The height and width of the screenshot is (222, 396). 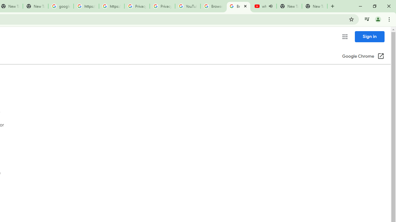 I want to click on 'Google Chrome (Open in a new window)', so click(x=363, y=56).